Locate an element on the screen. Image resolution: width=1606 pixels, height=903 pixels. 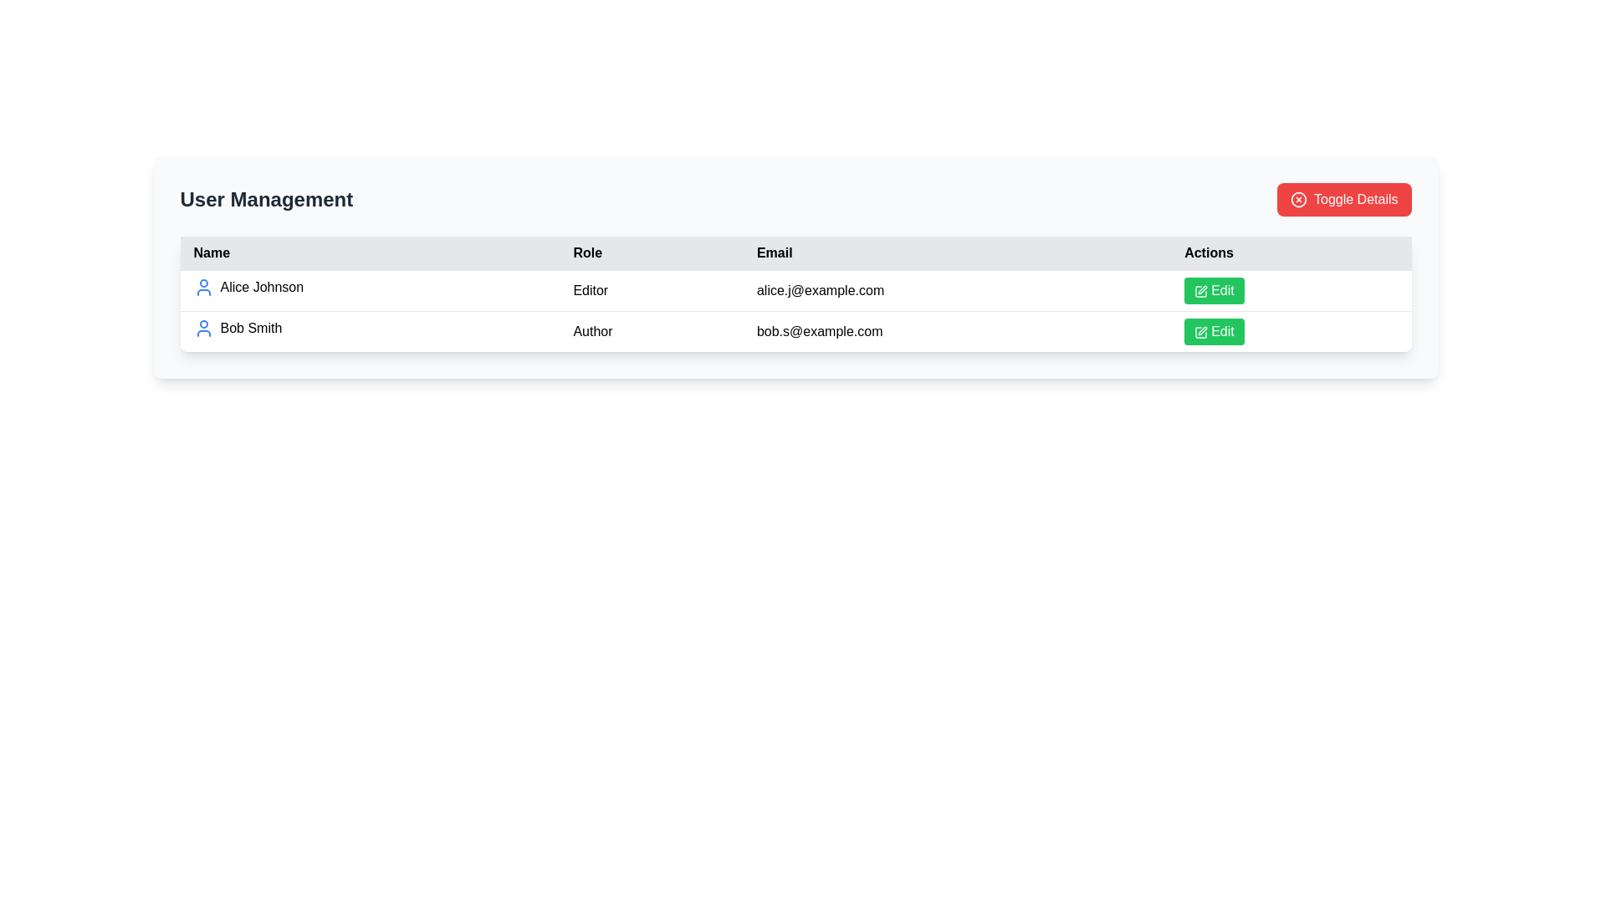
the 'Edit' icon located in the 'Actions' column of the second row in the table, which visually represents the editing action is located at coordinates (1200, 332).